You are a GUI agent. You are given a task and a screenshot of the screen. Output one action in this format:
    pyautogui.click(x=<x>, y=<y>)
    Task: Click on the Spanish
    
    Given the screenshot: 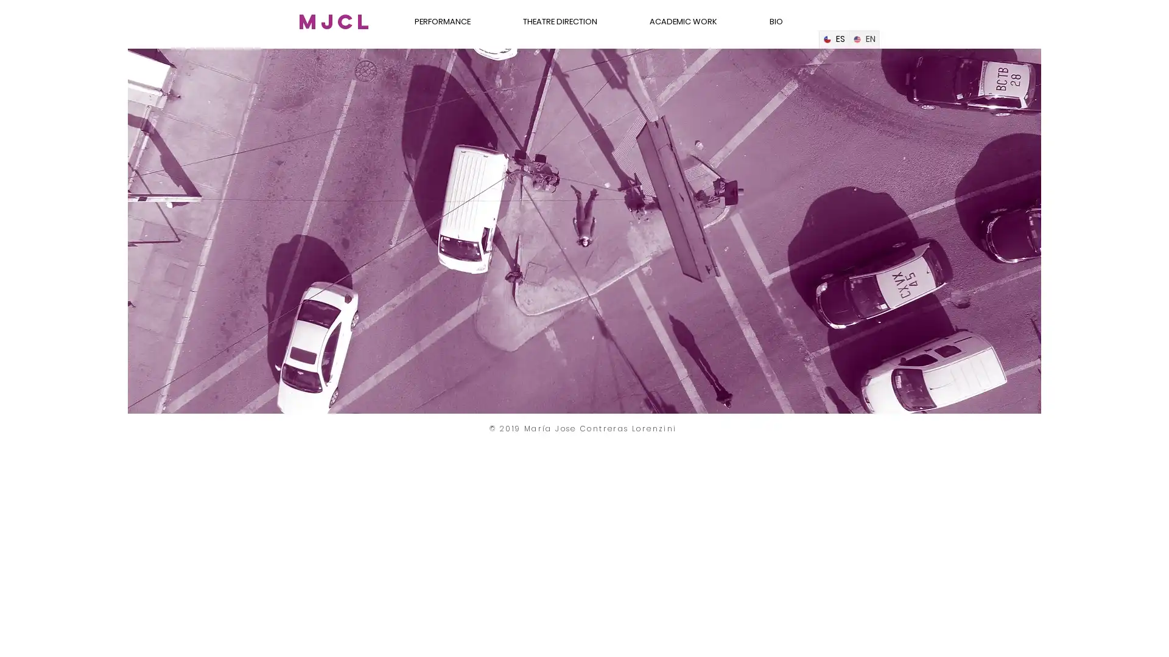 What is the action you would take?
    pyautogui.click(x=833, y=39)
    